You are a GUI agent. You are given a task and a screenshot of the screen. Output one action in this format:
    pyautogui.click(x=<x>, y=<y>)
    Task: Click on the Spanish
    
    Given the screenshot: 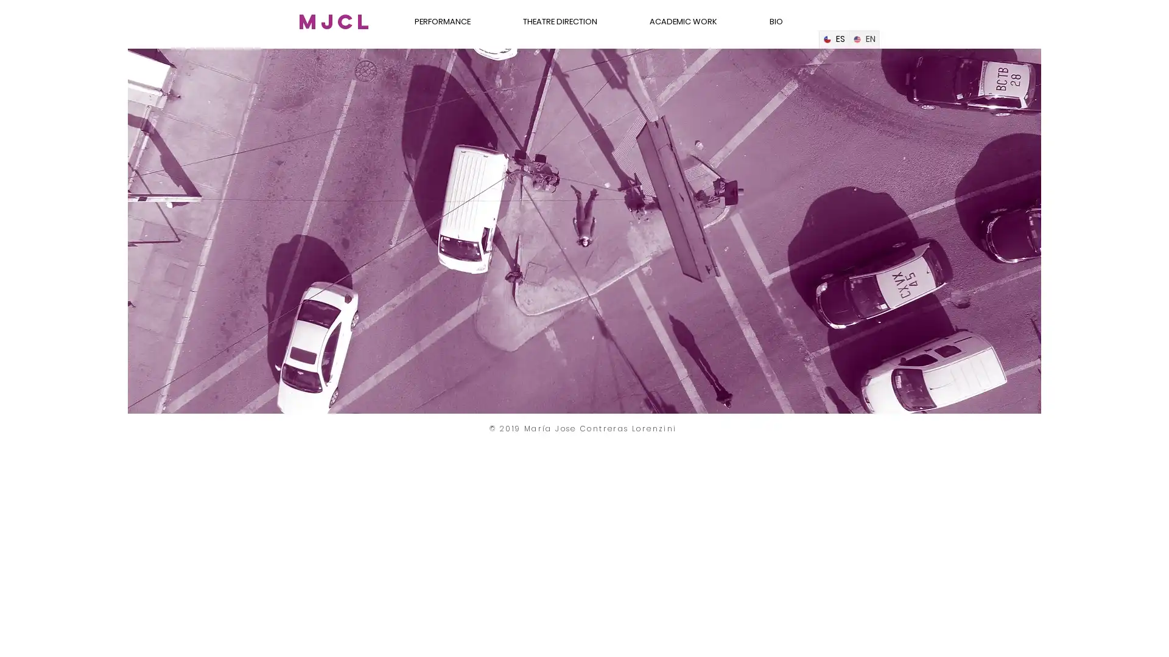 What is the action you would take?
    pyautogui.click(x=833, y=39)
    